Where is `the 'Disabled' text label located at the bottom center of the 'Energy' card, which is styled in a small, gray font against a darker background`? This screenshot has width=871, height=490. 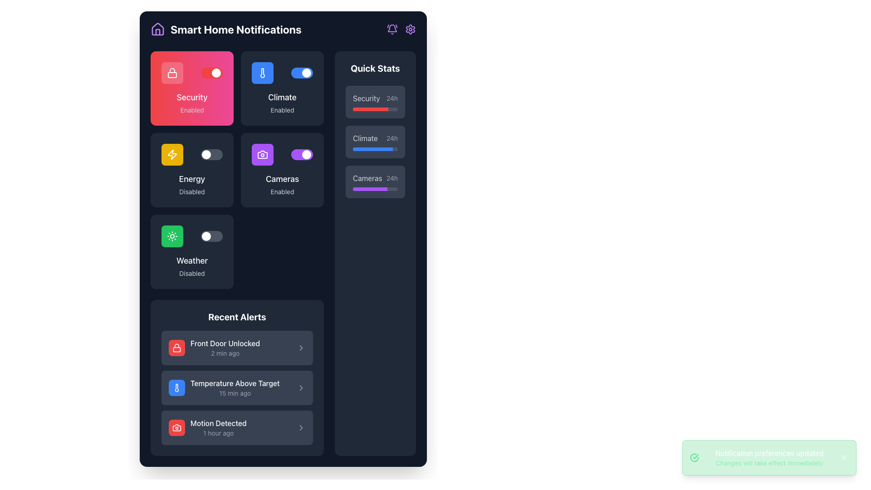
the 'Disabled' text label located at the bottom center of the 'Energy' card, which is styled in a small, gray font against a darker background is located at coordinates (191, 191).